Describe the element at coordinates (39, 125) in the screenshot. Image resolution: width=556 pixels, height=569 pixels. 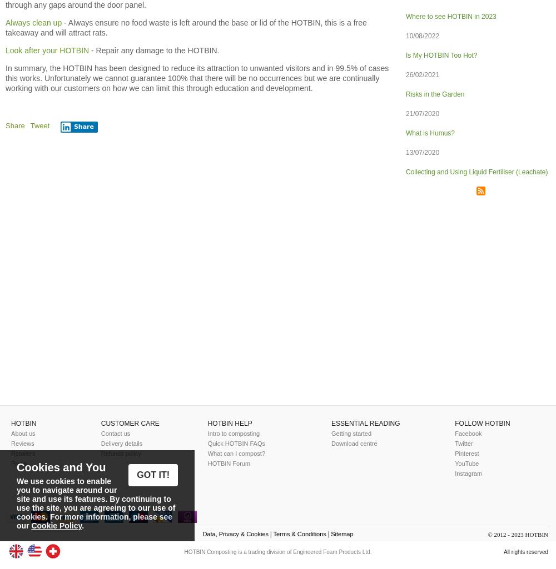
I see `'Tweet'` at that location.